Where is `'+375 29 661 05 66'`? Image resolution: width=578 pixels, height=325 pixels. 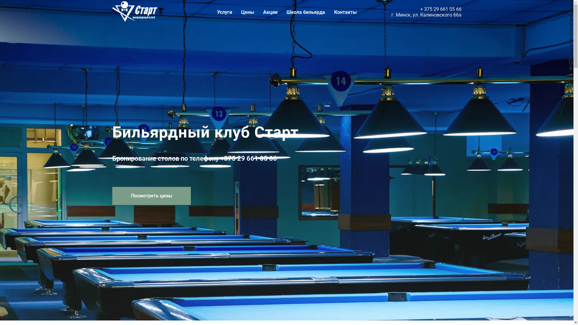 '+375 29 661 05 66' is located at coordinates (220, 158).